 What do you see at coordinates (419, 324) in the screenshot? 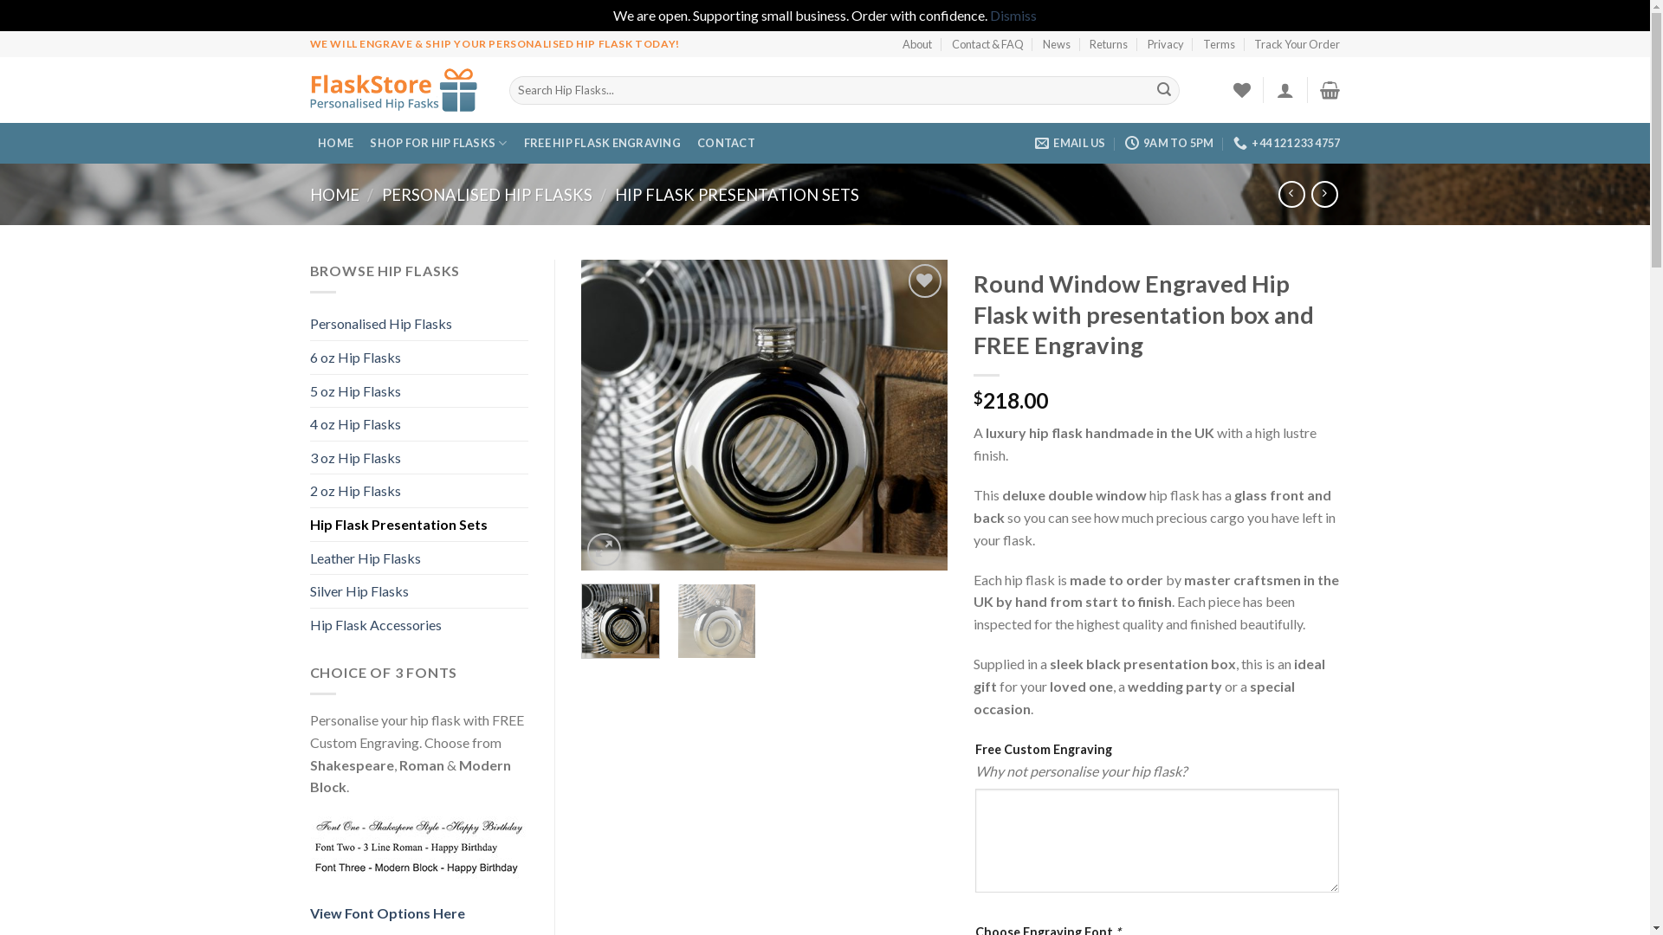
I see `'Personalised Hip Flasks'` at bounding box center [419, 324].